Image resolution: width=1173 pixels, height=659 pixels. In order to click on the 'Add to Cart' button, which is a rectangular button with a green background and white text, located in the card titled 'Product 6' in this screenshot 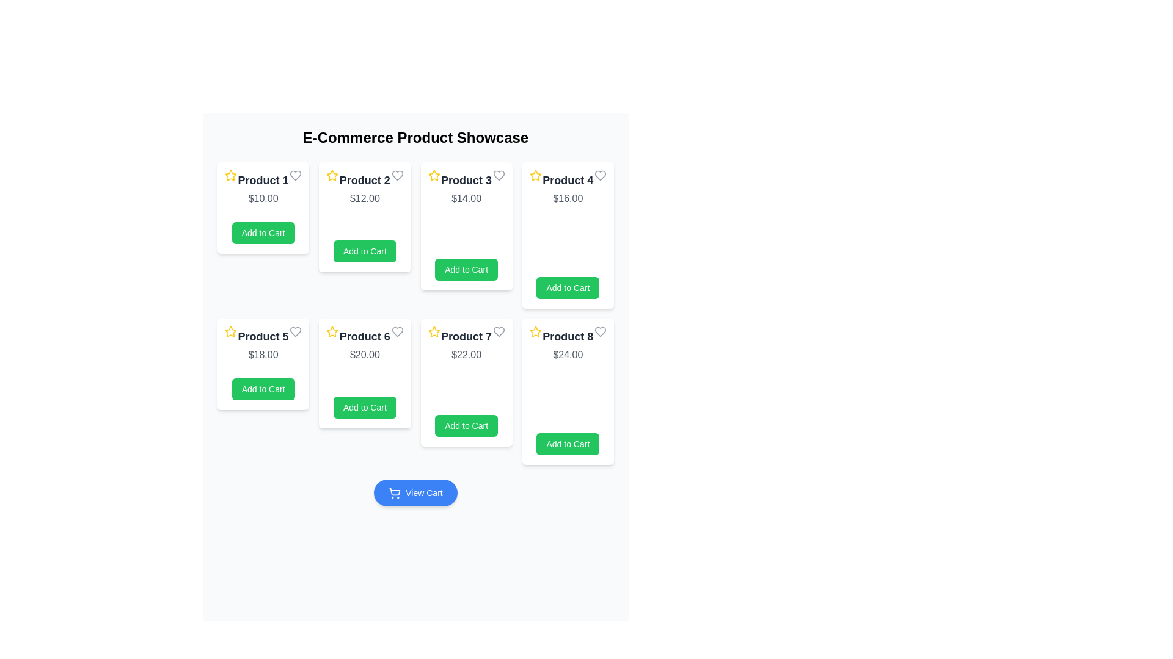, I will do `click(364, 407)`.